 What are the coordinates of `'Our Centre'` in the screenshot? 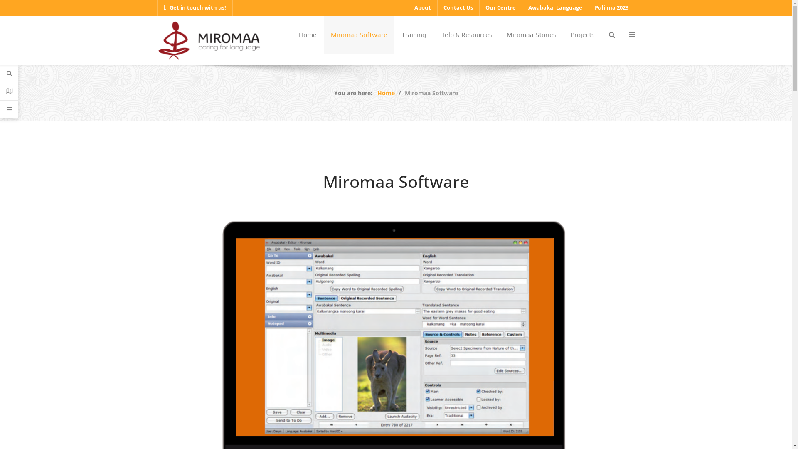 It's located at (500, 8).